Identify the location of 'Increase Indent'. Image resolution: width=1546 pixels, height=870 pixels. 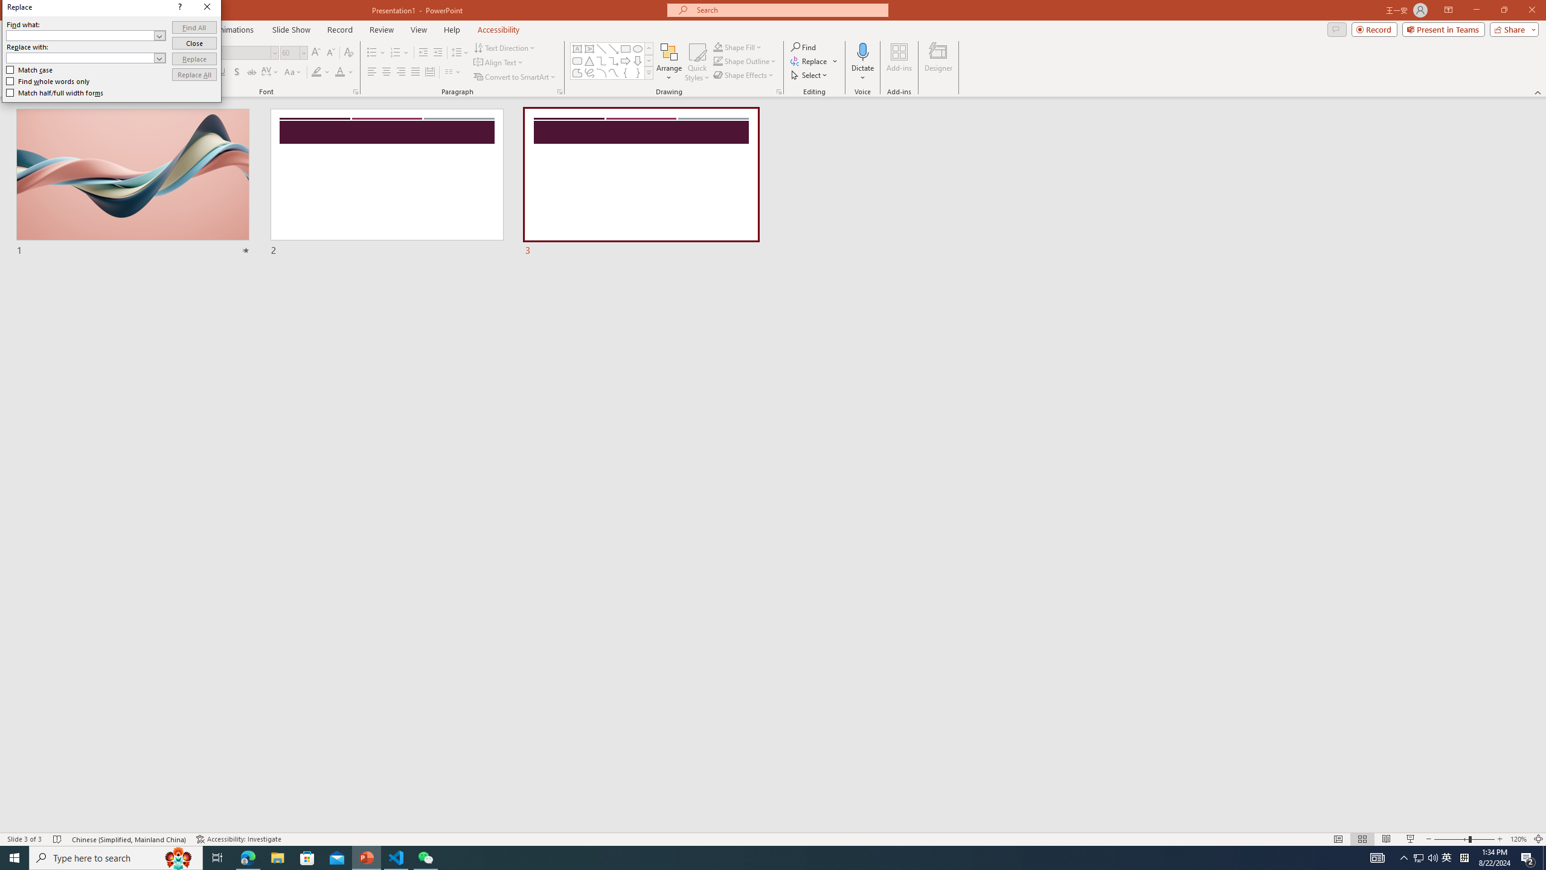
(438, 53).